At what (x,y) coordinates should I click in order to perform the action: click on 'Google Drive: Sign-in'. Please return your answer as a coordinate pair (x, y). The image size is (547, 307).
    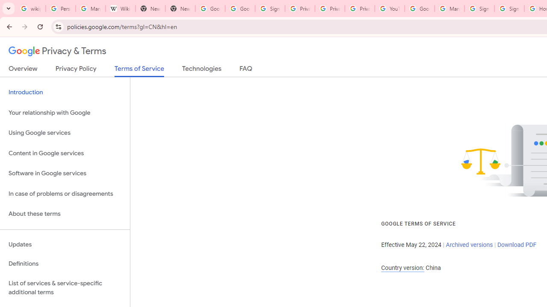
    Looking at the image, I should click on (239, 9).